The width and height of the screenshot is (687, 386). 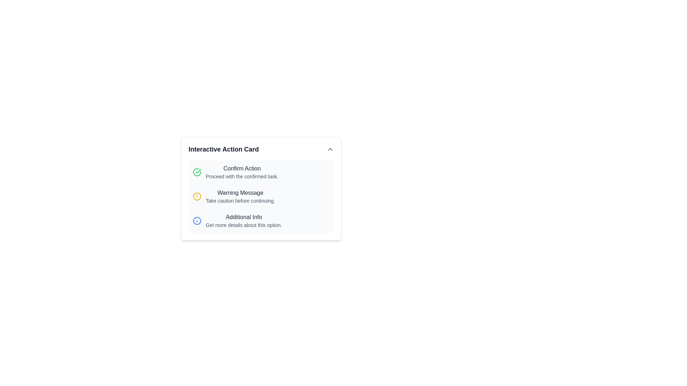 I want to click on the static text label reading 'Interactive Action Card', which is styled with a larger font size, bold weight, and dark gray color, located in the header section of a card-like interface, so click(x=223, y=149).